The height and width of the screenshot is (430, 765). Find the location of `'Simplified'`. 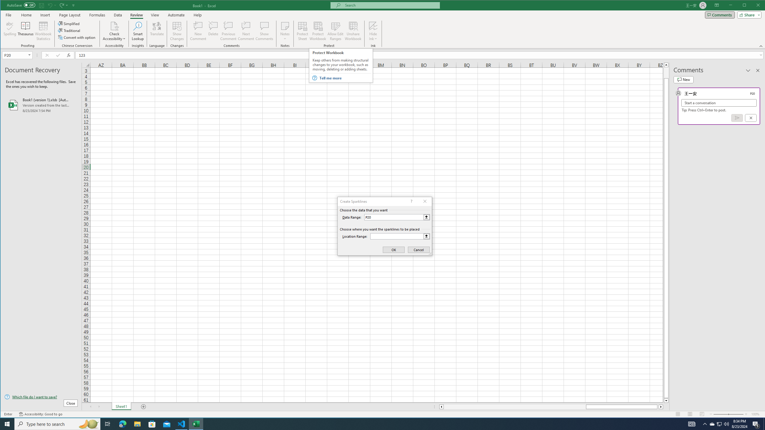

'Simplified' is located at coordinates (69, 23).